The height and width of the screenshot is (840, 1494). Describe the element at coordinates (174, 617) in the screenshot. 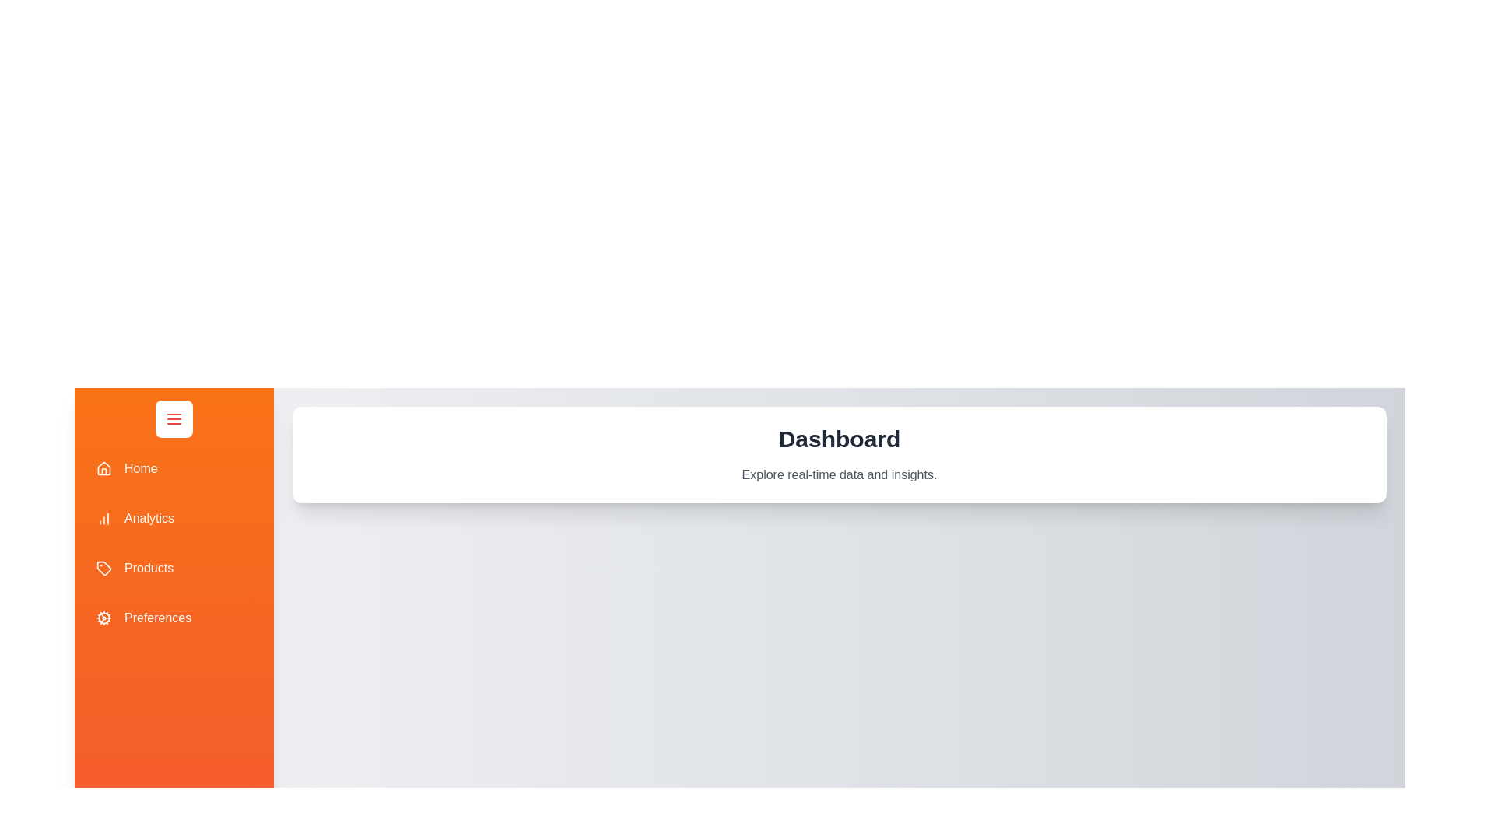

I see `the drawer item labeled 'Preferences' to observe its hover effect` at that location.